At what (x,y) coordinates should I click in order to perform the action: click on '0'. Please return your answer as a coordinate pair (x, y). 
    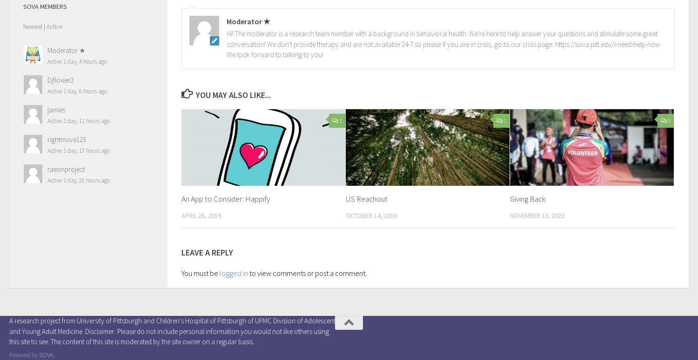
    Looking at the image, I should click on (669, 119).